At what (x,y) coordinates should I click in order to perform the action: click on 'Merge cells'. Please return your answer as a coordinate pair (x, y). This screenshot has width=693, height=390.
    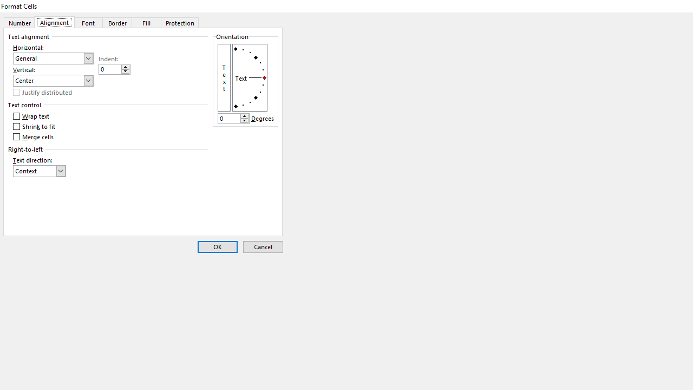
    Looking at the image, I should click on (34, 136).